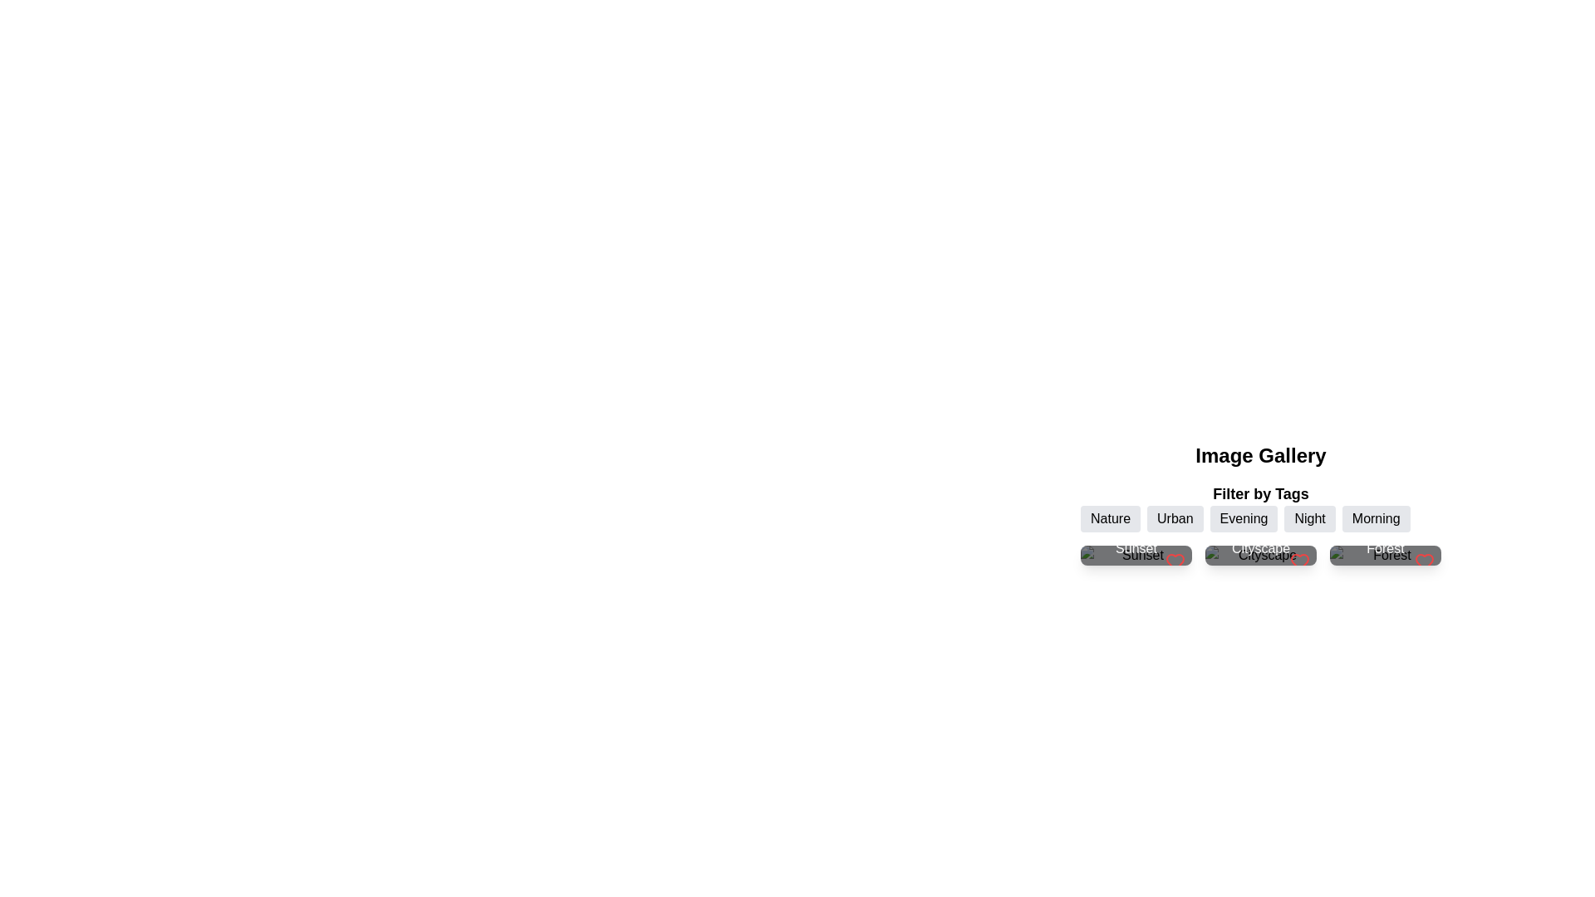 This screenshot has width=1595, height=897. Describe the element at coordinates (1260, 548) in the screenshot. I see `the 'Cityscape' label located at the bottom of the second image card from the left in a horizontal grid layout, which has a semi-transparent black background` at that location.